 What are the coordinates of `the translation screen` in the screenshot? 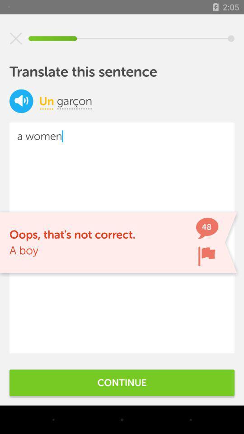 It's located at (16, 38).